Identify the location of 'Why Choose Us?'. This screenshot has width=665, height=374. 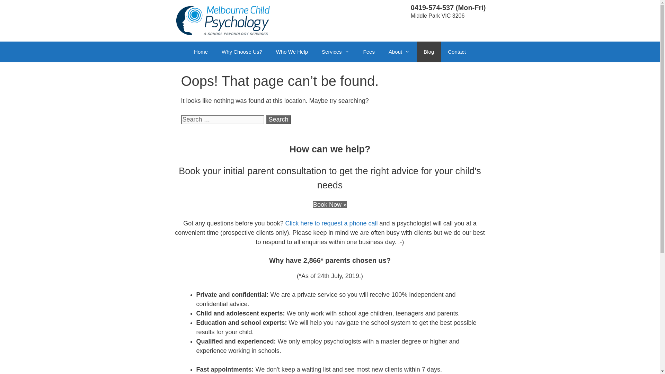
(242, 52).